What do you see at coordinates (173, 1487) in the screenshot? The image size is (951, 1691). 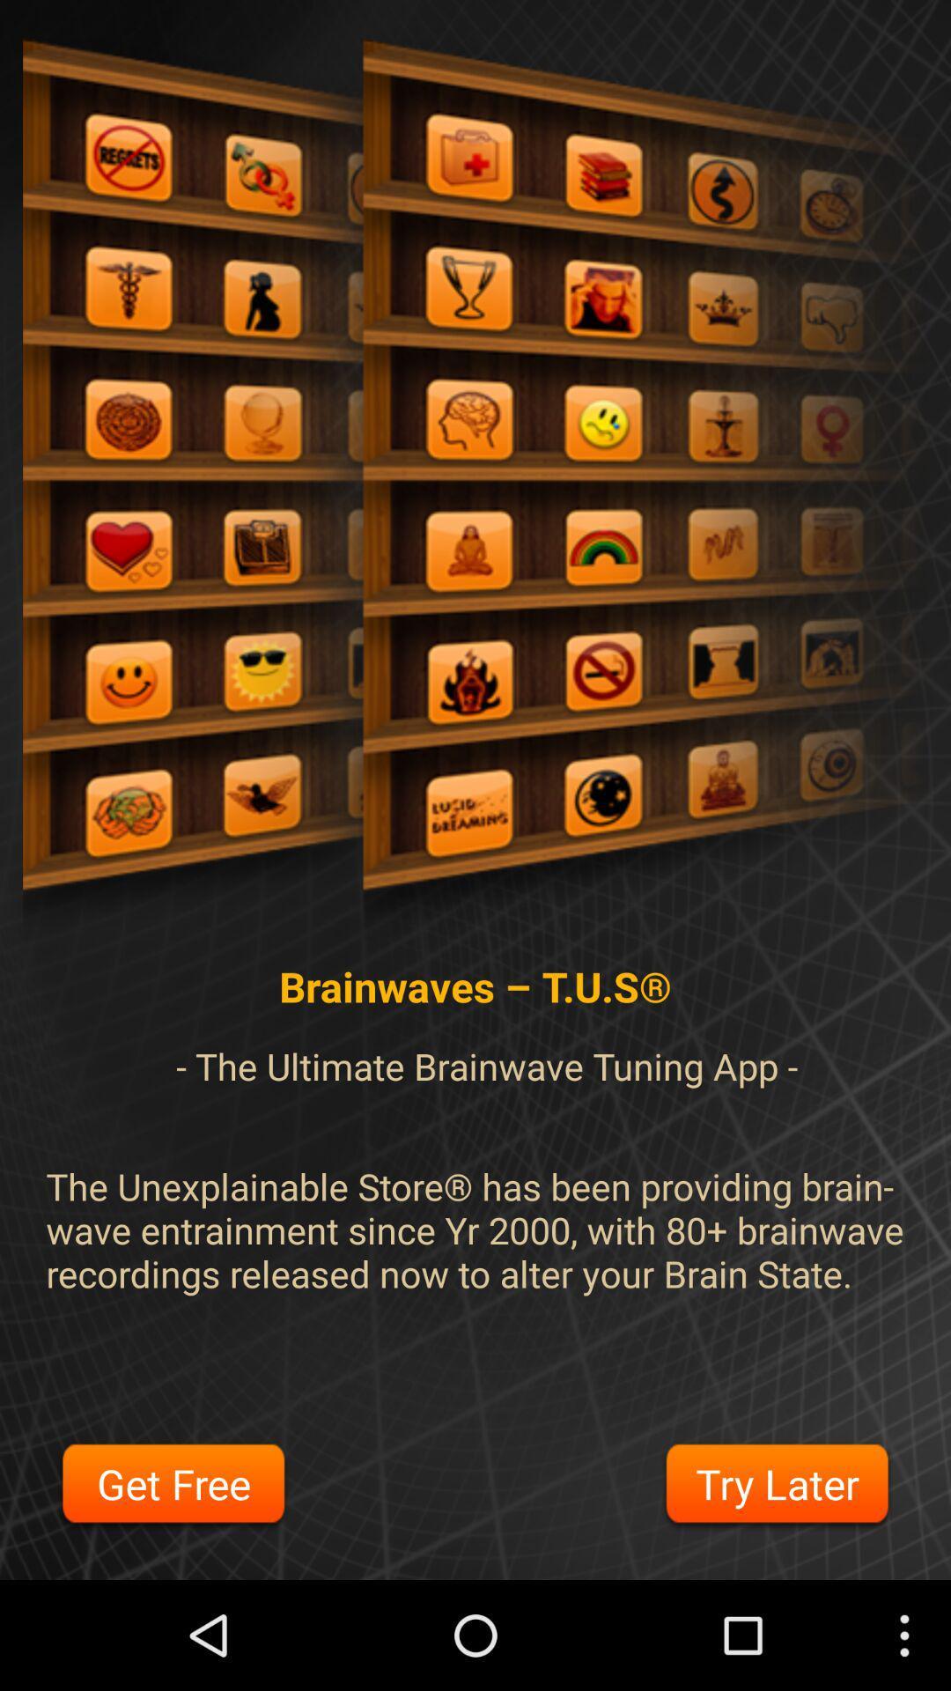 I see `the get free` at bounding box center [173, 1487].